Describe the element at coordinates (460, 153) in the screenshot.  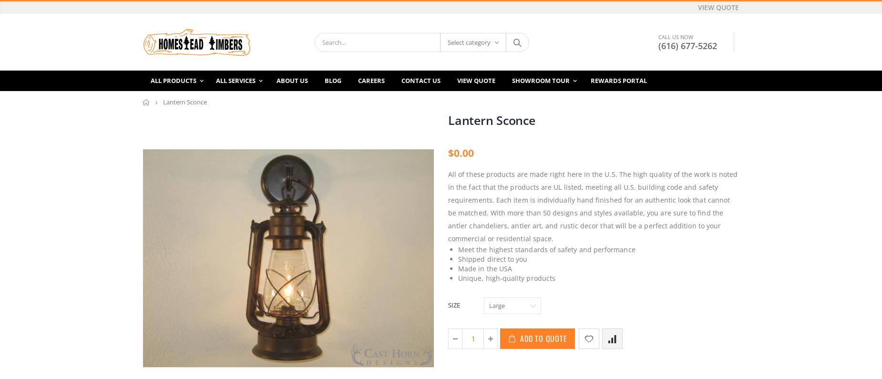
I see `'$0.00'` at that location.